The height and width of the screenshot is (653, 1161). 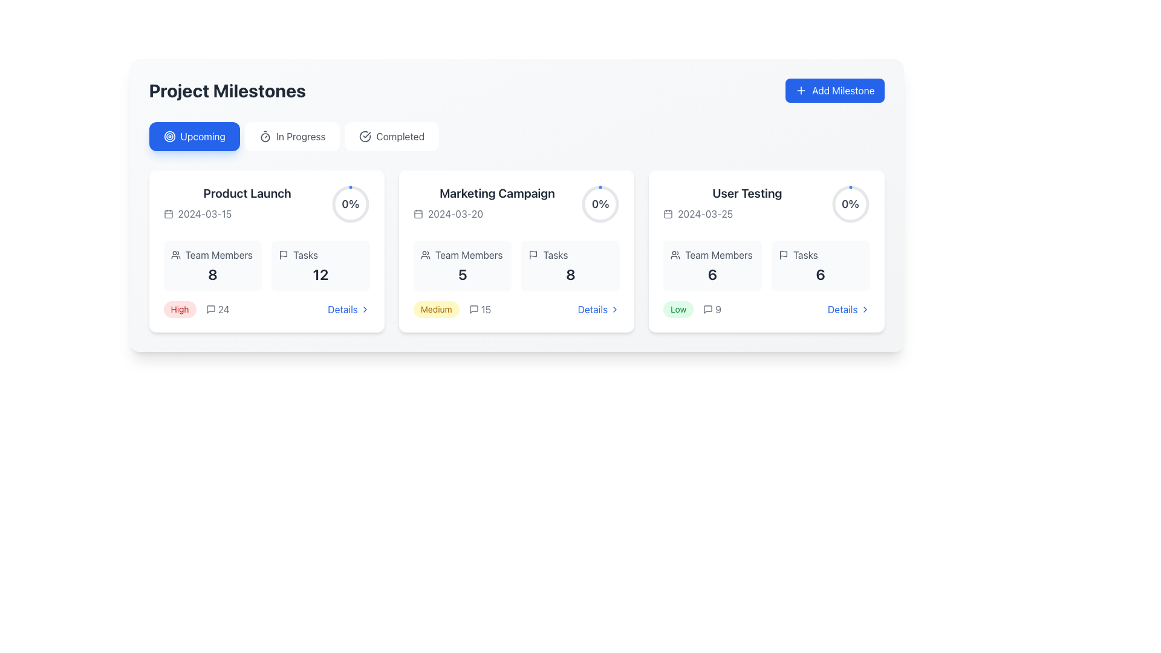 What do you see at coordinates (418, 213) in the screenshot?
I see `the calendar icon located to the left of the text '2024-03-20' in the marketing campaign card, which is represented in an outlined style with a rectangular base and rounded edges` at bounding box center [418, 213].